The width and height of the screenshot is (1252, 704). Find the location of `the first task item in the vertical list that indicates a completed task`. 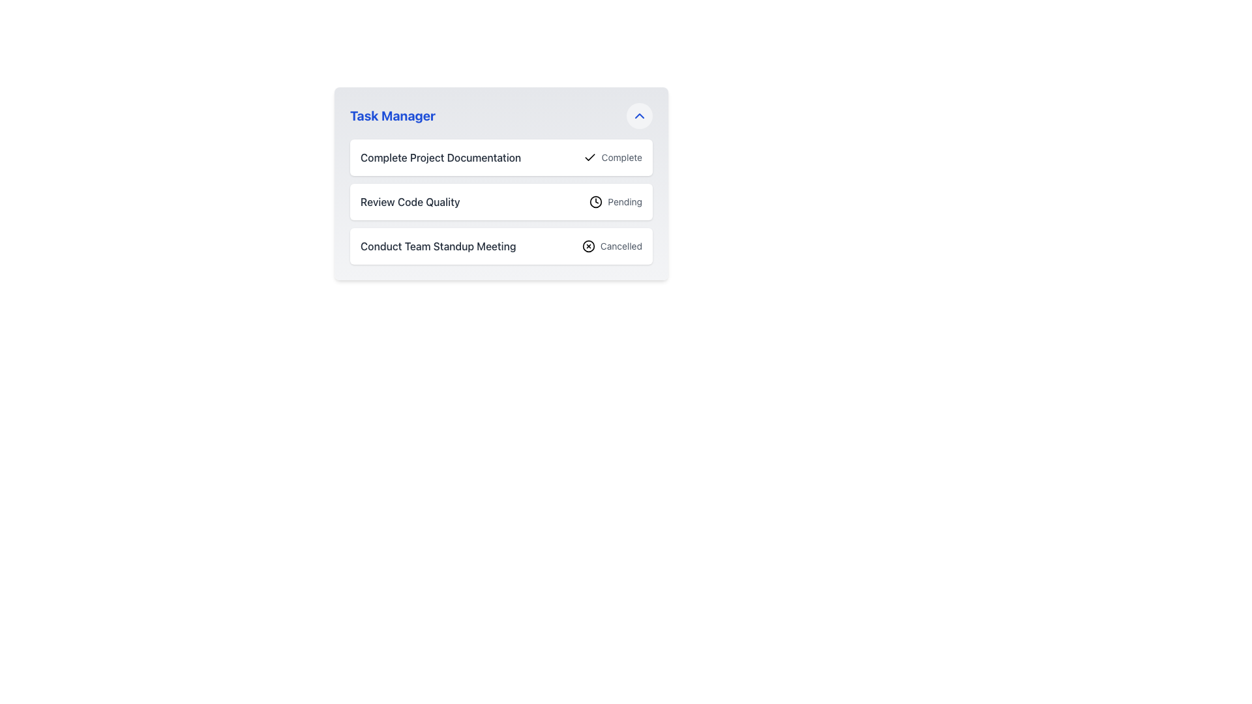

the first task item in the vertical list that indicates a completed task is located at coordinates (500, 157).